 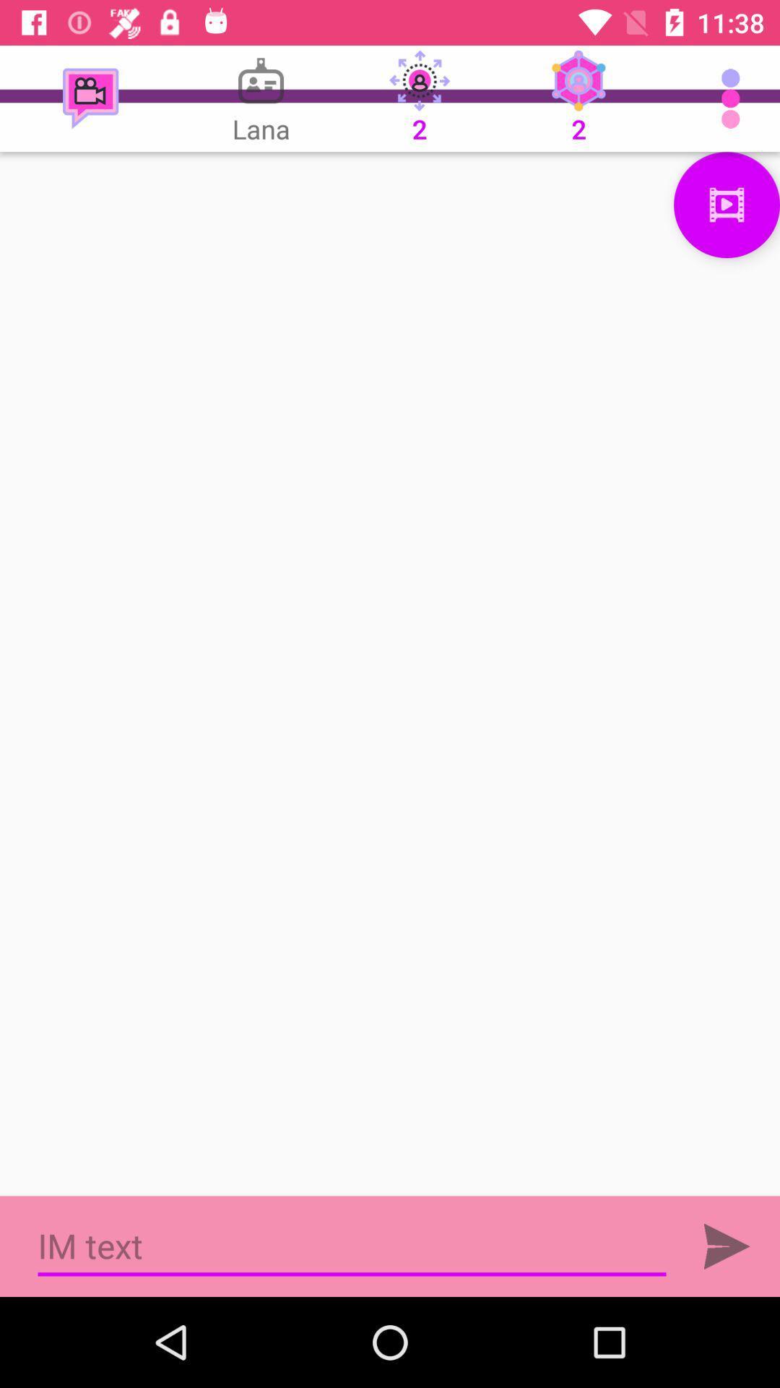 What do you see at coordinates (352, 1246) in the screenshot?
I see `write instant message text` at bounding box center [352, 1246].